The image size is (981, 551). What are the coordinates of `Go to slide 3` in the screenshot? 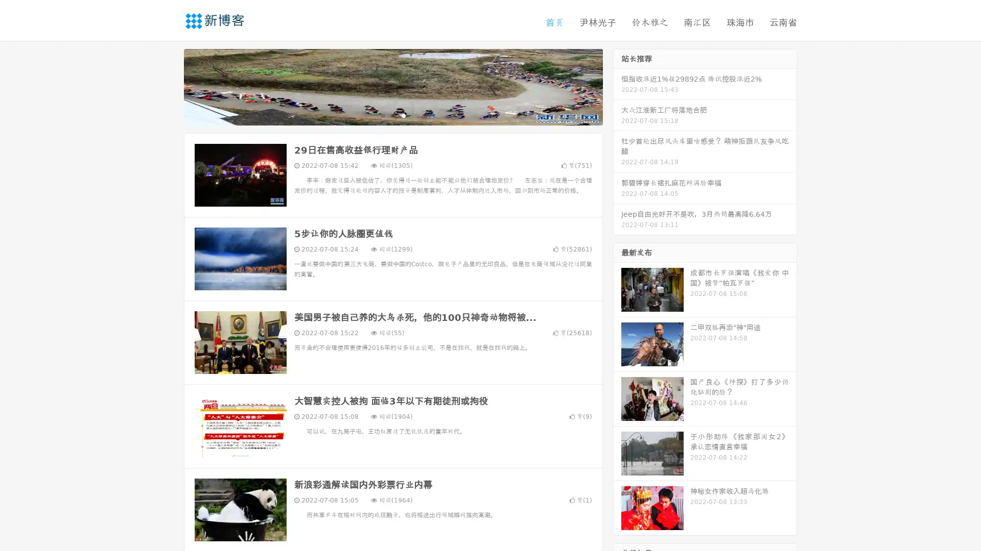 It's located at (403, 115).